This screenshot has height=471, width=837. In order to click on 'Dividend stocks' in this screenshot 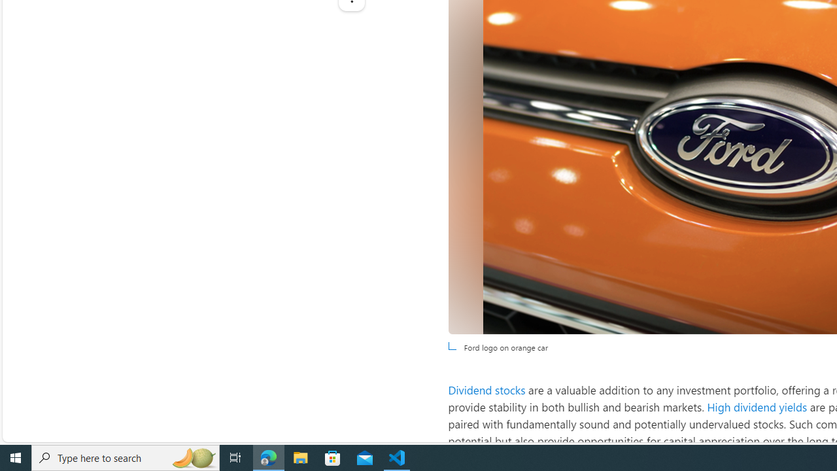, I will do `click(486, 389)`.